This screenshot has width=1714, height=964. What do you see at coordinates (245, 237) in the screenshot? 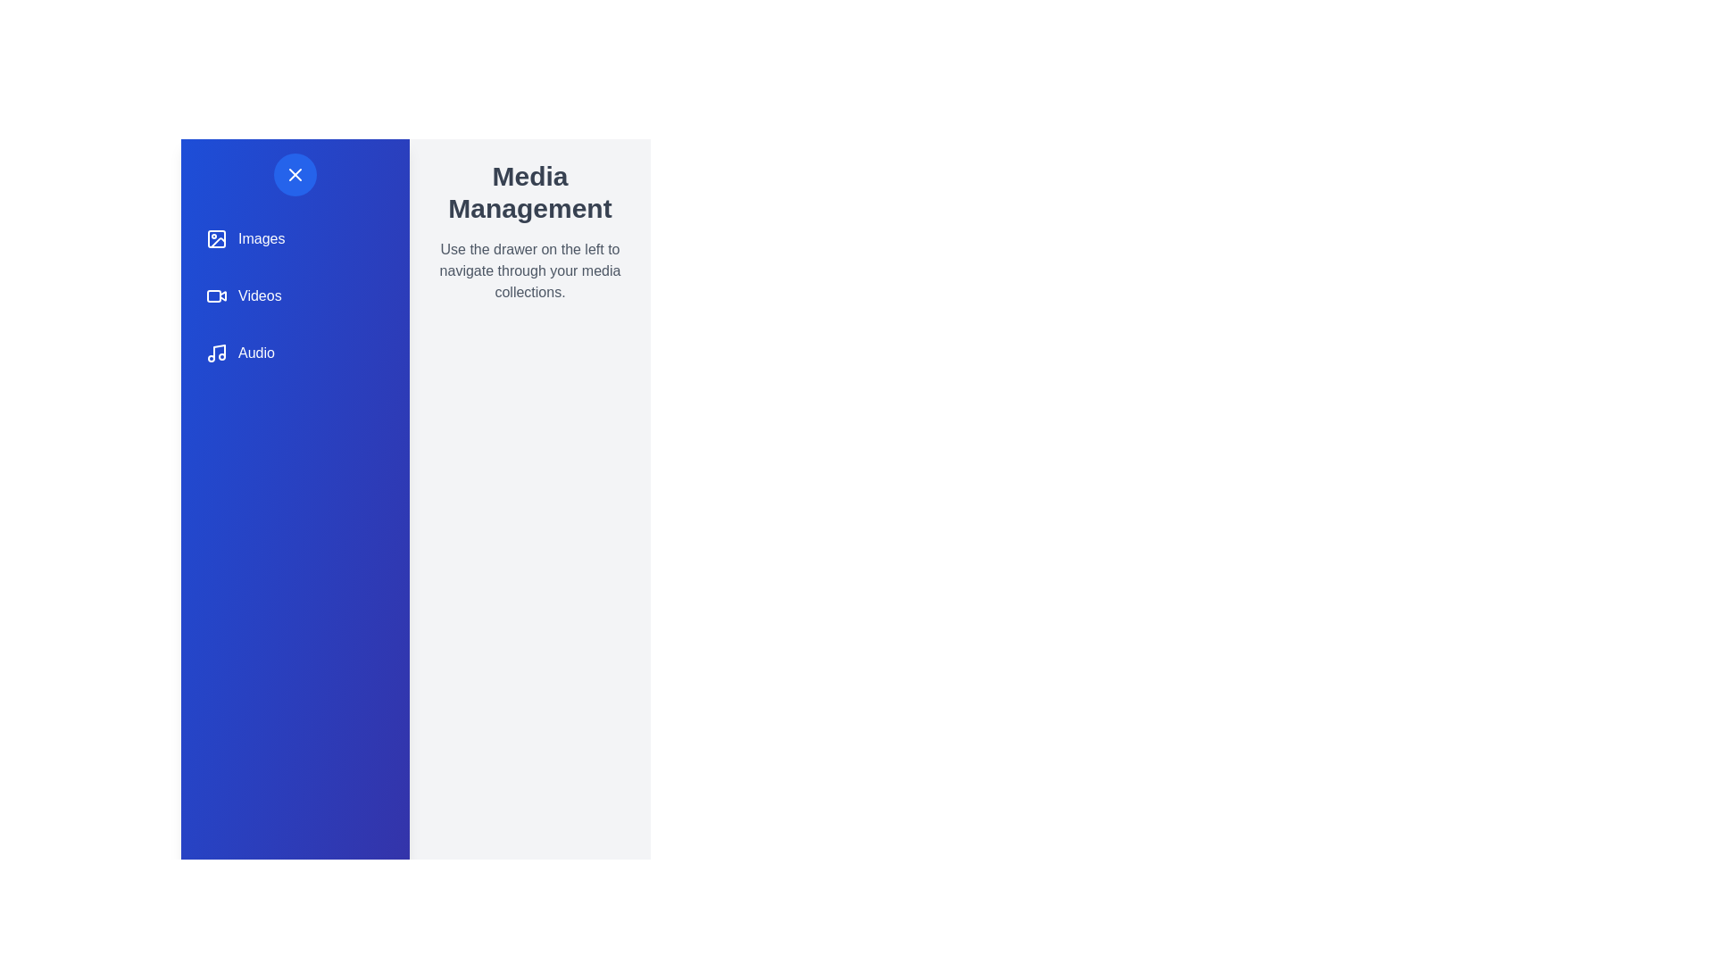
I see `the 'Images' button located in the left sidebar above the 'Videos' and 'Audio' items` at bounding box center [245, 237].